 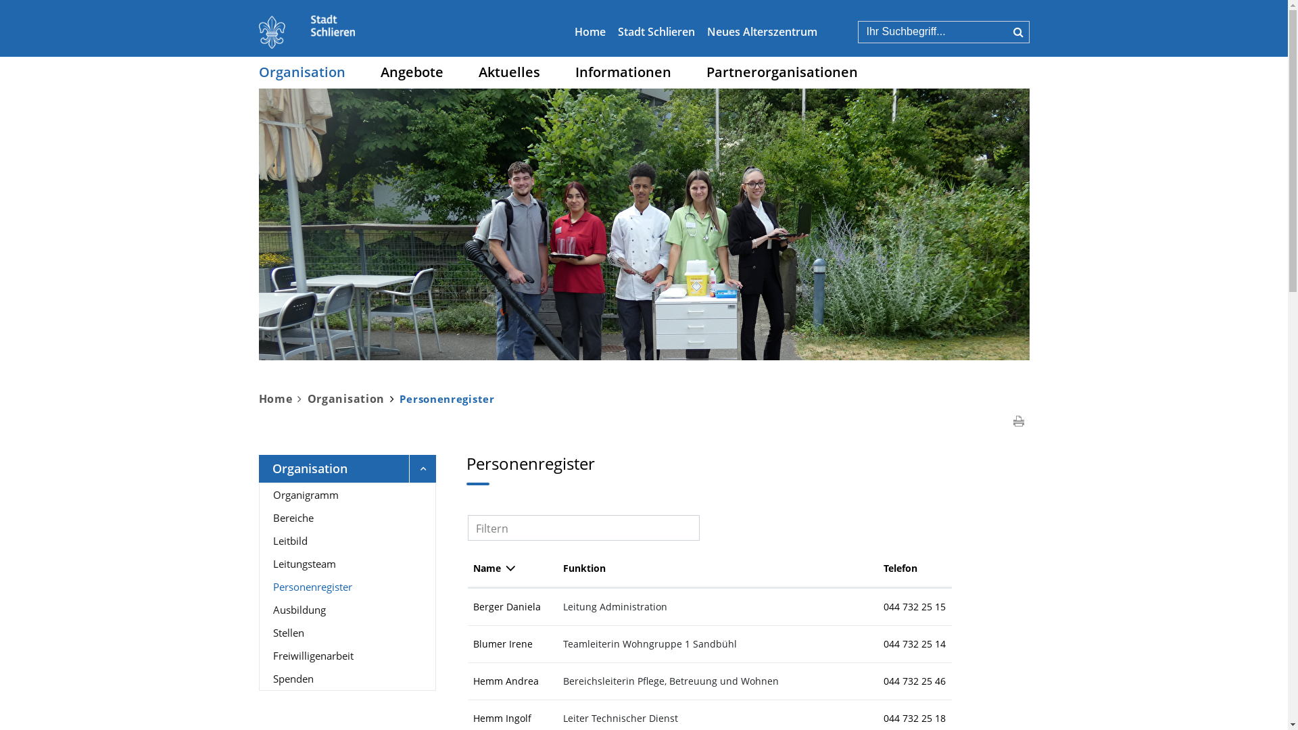 I want to click on 'Organigramm', so click(x=347, y=495).